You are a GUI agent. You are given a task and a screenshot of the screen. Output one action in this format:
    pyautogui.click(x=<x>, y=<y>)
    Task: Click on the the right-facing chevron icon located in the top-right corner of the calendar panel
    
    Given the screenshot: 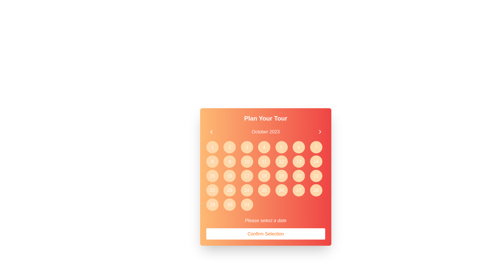 What is the action you would take?
    pyautogui.click(x=320, y=131)
    